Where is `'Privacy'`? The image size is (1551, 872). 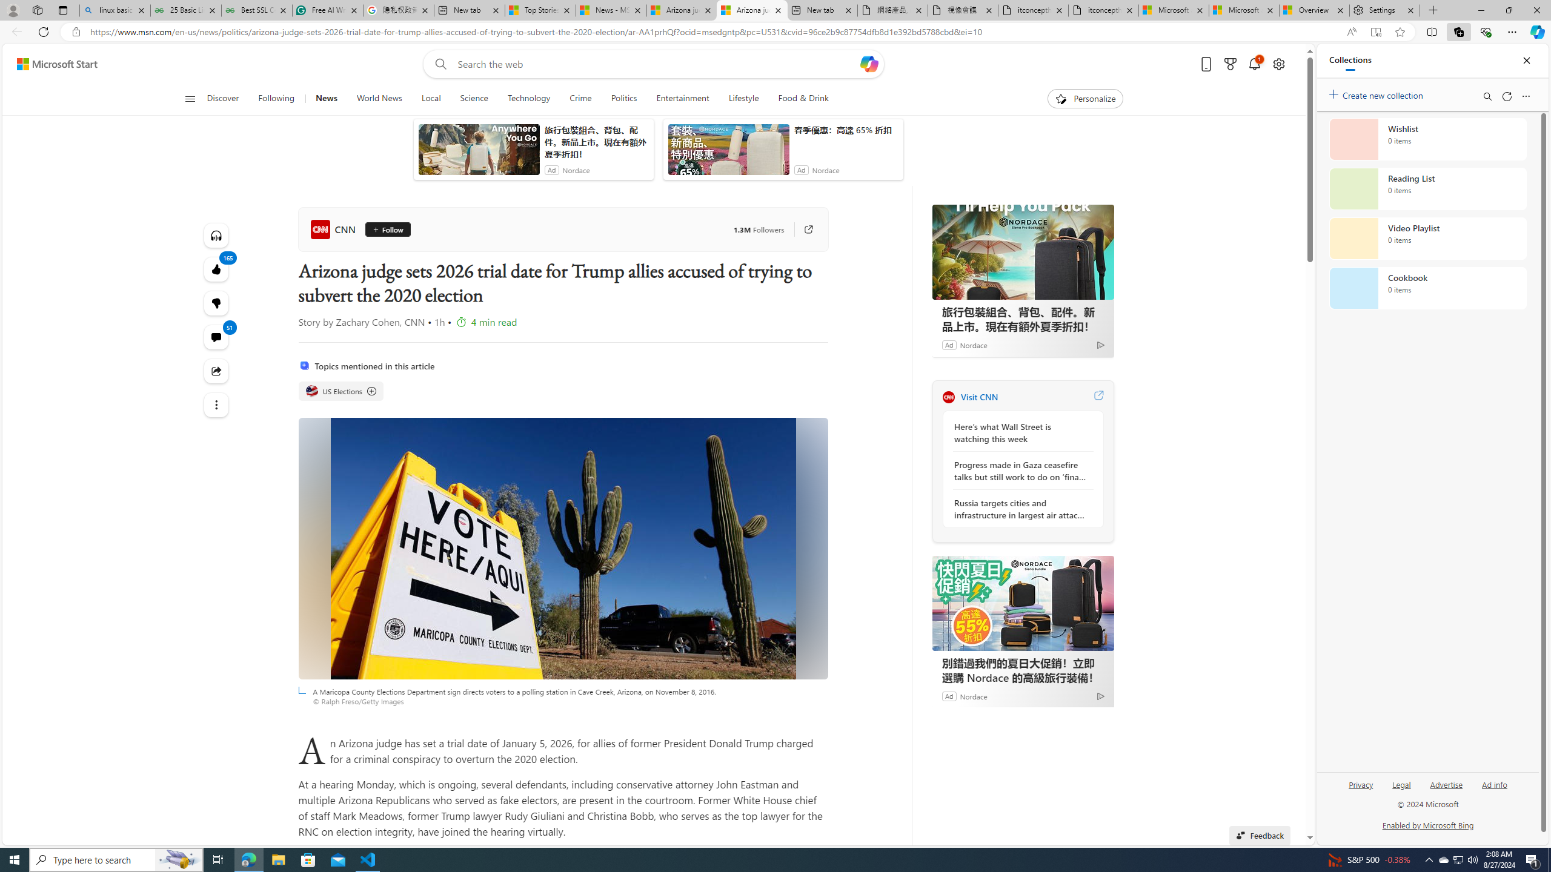 'Privacy' is located at coordinates (1361, 788).